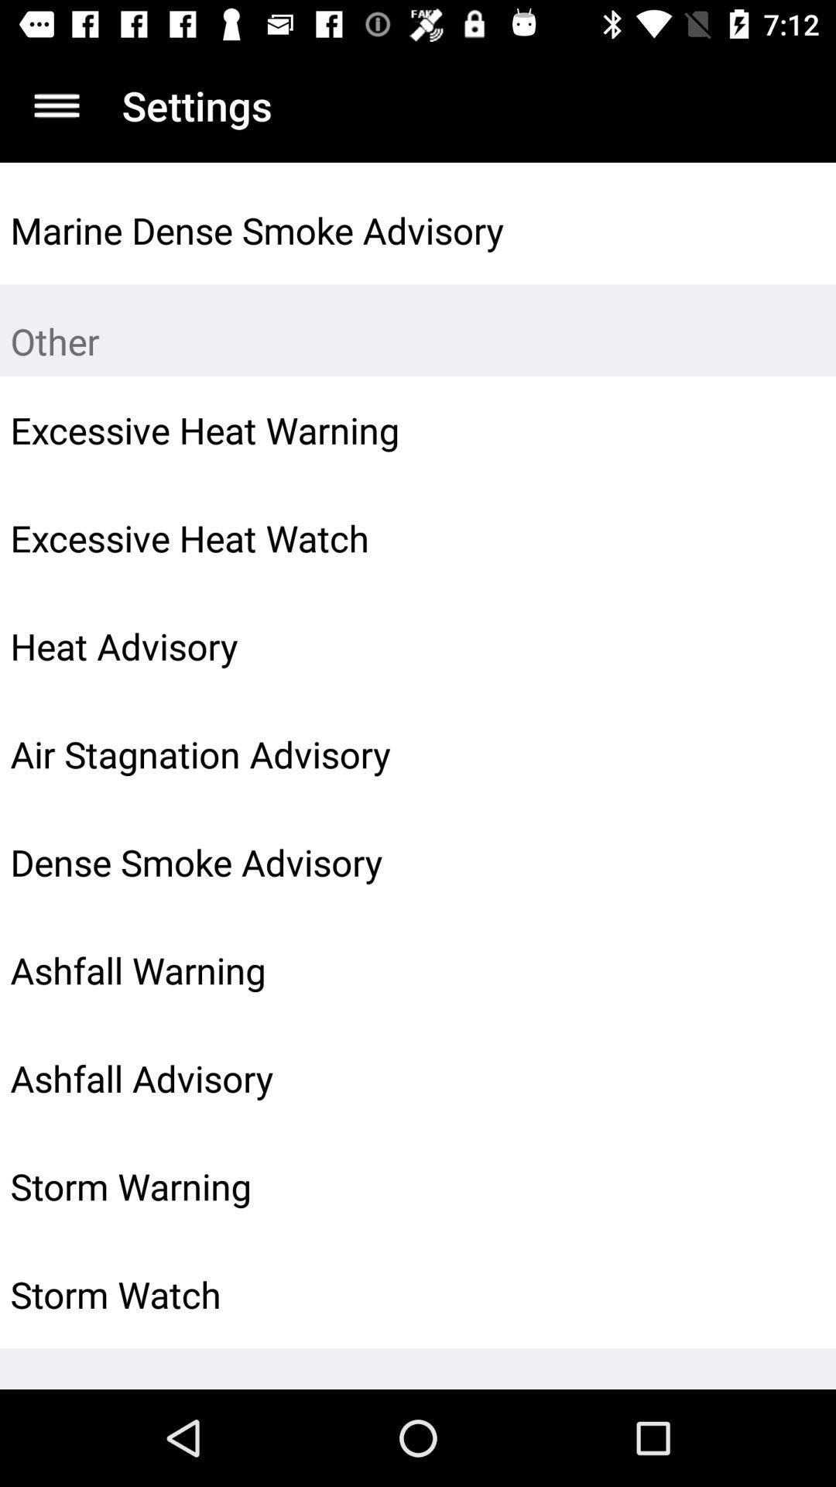 Image resolution: width=836 pixels, height=1487 pixels. Describe the element at coordinates (787, 538) in the screenshot. I see `the icon to the right of the excessive heat watch item` at that location.